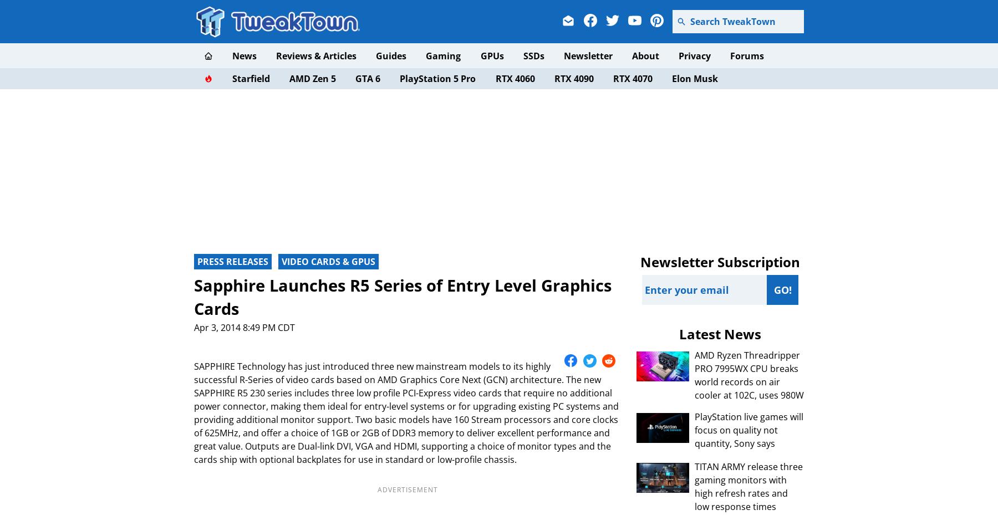  What do you see at coordinates (695, 78) in the screenshot?
I see `'Elon Musk'` at bounding box center [695, 78].